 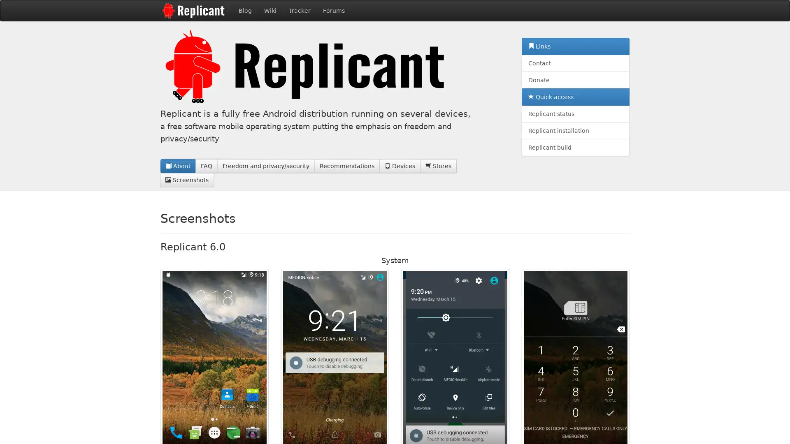 What do you see at coordinates (347, 166) in the screenshot?
I see `Recommendations` at bounding box center [347, 166].